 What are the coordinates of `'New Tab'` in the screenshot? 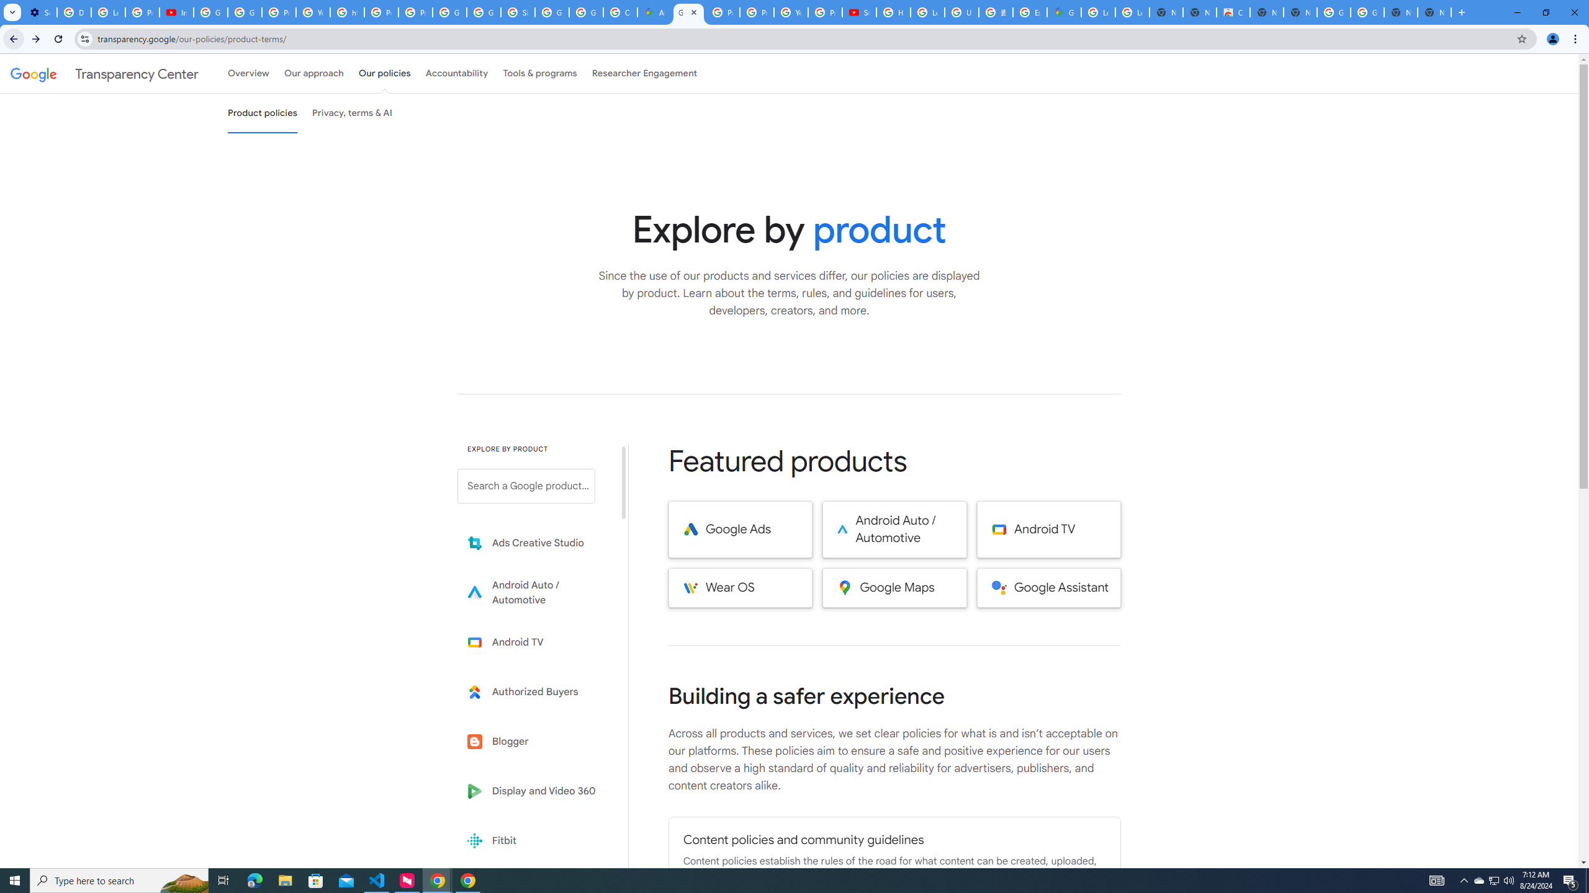 It's located at (1434, 12).